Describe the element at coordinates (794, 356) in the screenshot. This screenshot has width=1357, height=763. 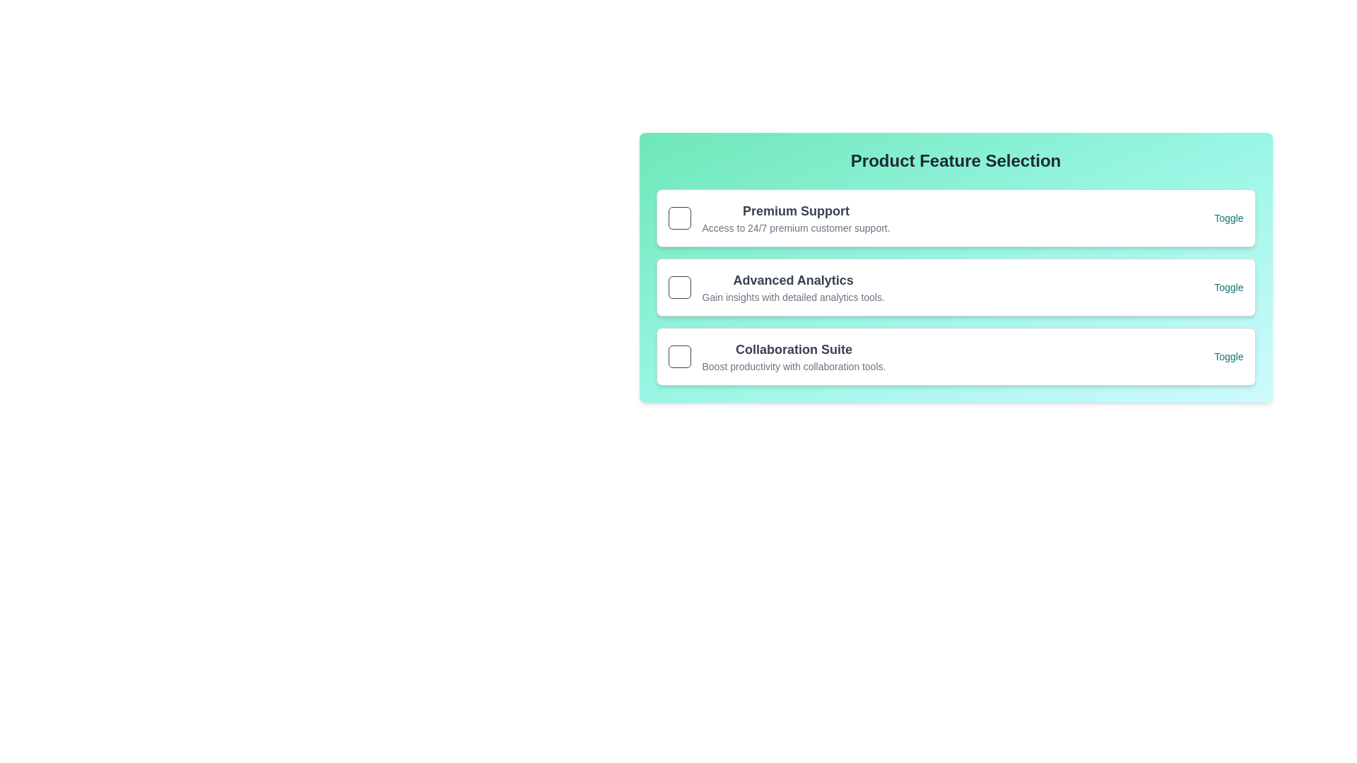
I see `the text block titled 'Collaboration Suite' which is styled in dark gray and contains a subtitle 'Boost productivity with collaboration tools.' located beneath 'Advanced Analytics' in the feature selection section` at that location.